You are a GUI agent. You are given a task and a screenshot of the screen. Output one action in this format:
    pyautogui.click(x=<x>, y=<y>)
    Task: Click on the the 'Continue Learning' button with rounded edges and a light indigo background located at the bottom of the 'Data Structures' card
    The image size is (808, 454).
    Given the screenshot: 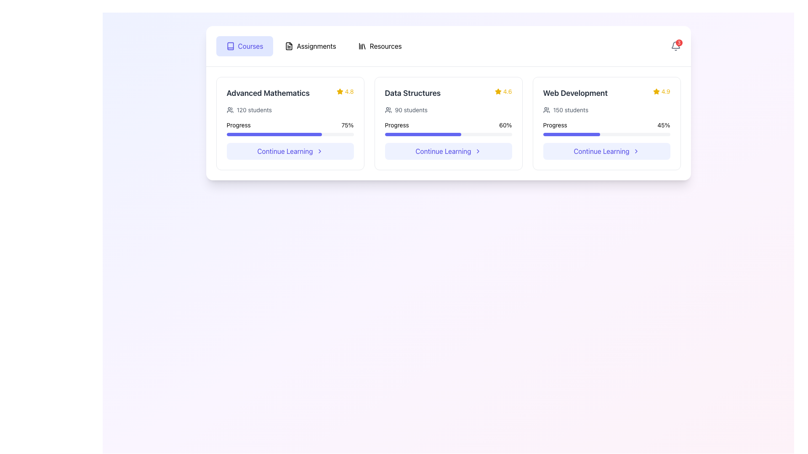 What is the action you would take?
    pyautogui.click(x=448, y=150)
    